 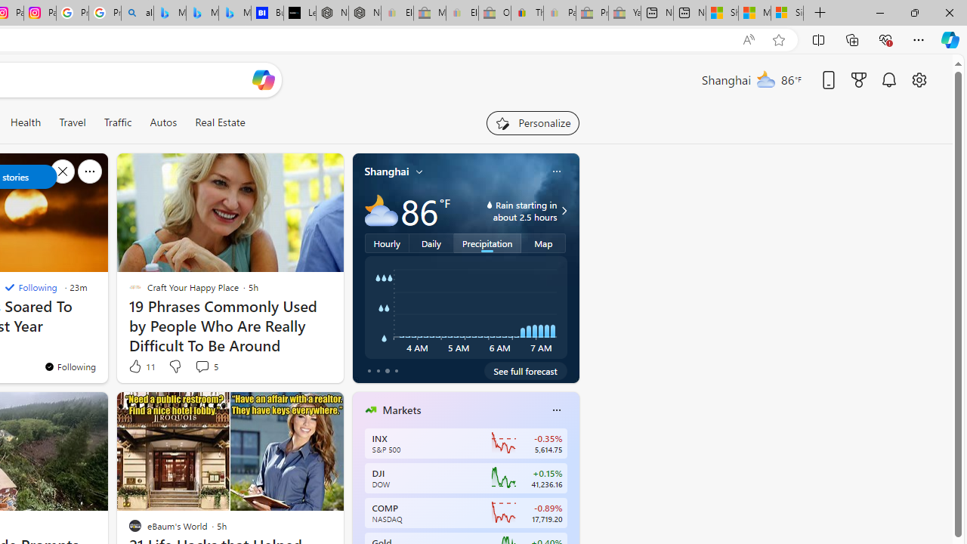 What do you see at coordinates (749, 39) in the screenshot?
I see `'Read aloud this page (Ctrl+Shift+U)'` at bounding box center [749, 39].